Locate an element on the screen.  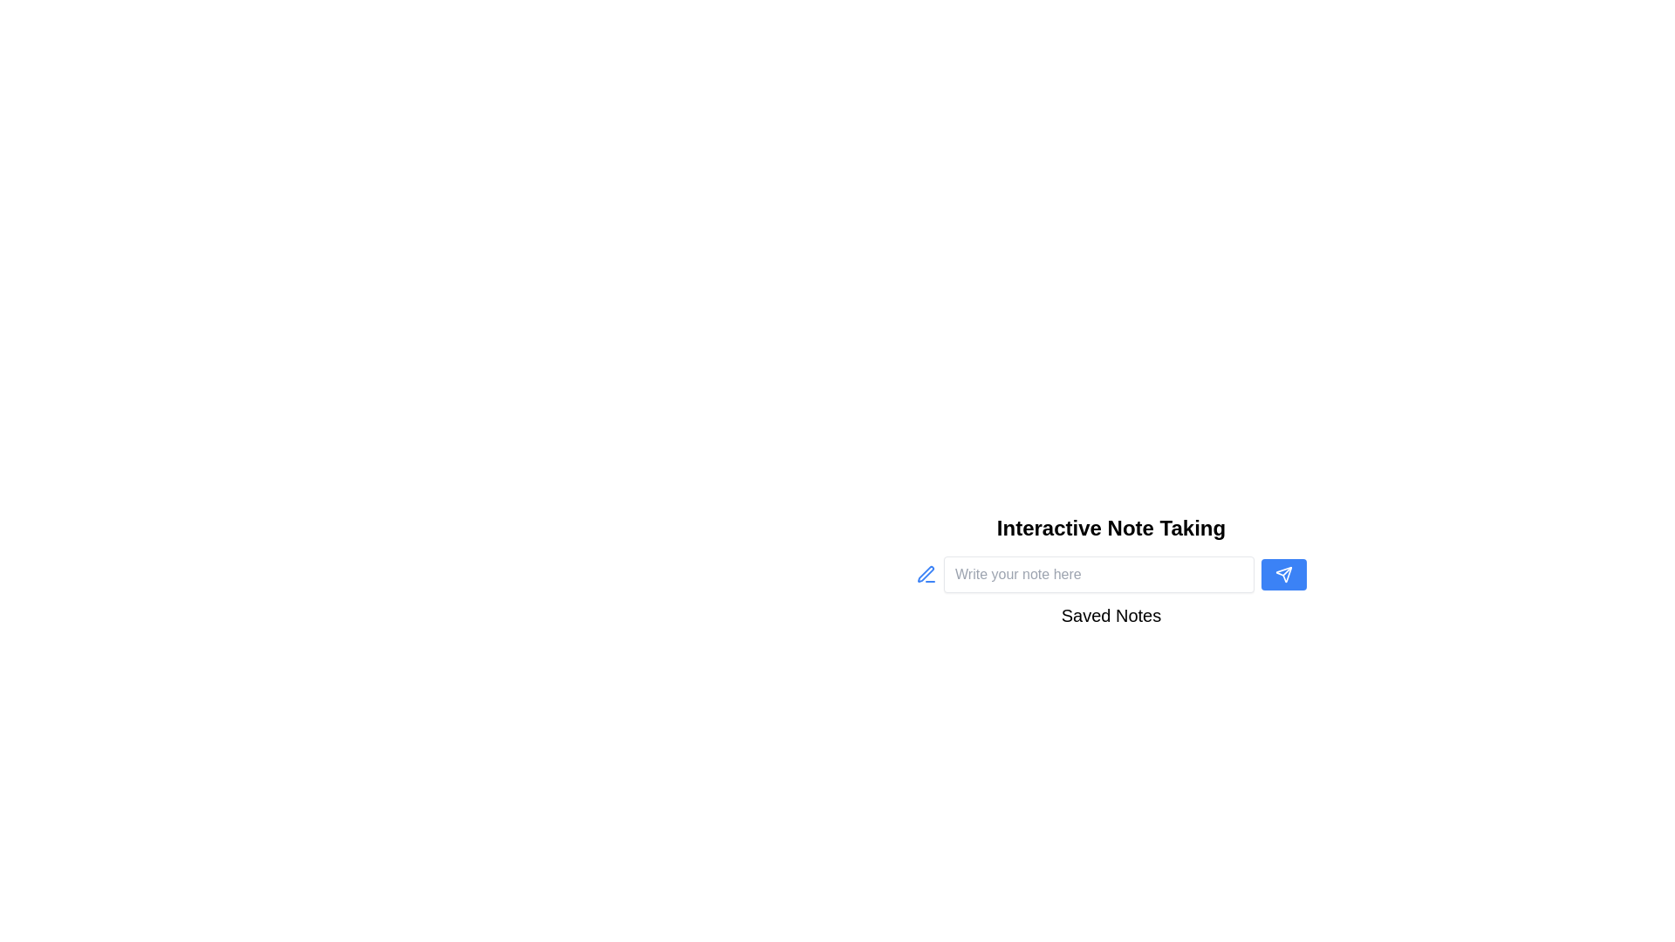
the editing icon located to the left of the 'Write your note here' text box is located at coordinates (925, 575).